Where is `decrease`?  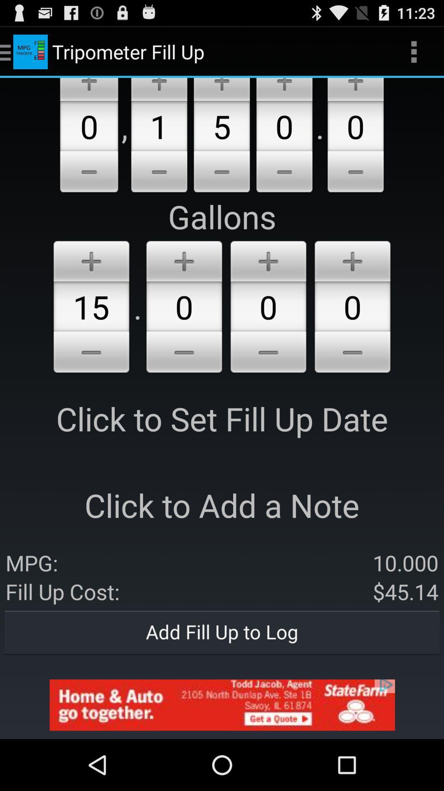
decrease is located at coordinates (268, 353).